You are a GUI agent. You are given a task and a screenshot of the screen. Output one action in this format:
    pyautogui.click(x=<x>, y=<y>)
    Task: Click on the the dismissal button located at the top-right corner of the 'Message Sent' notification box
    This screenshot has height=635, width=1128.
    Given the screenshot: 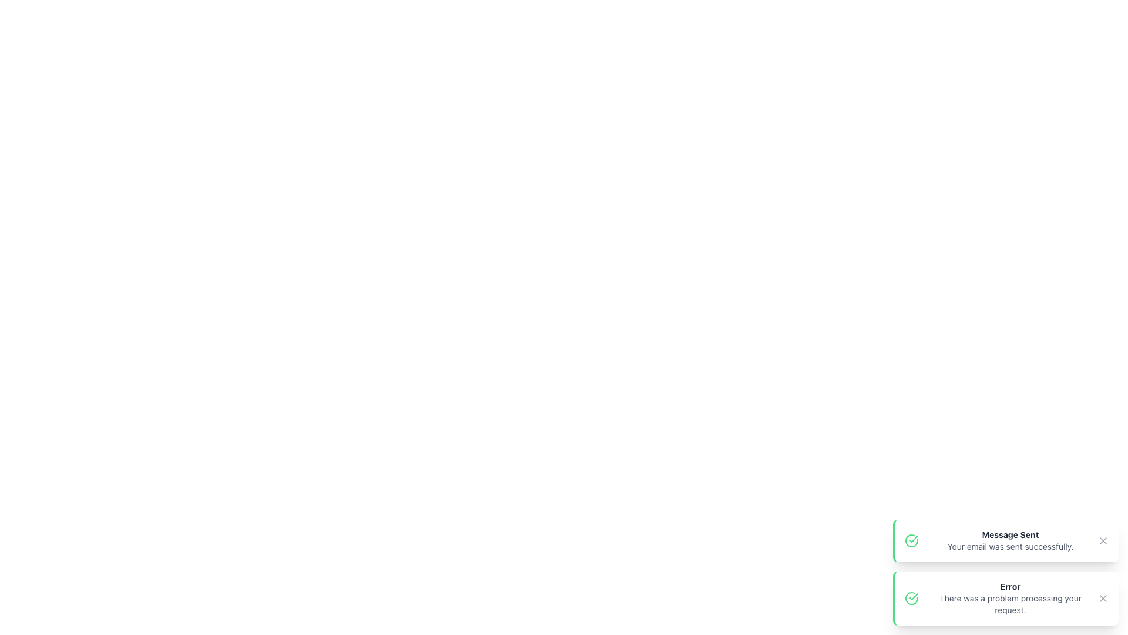 What is the action you would take?
    pyautogui.click(x=1102, y=541)
    